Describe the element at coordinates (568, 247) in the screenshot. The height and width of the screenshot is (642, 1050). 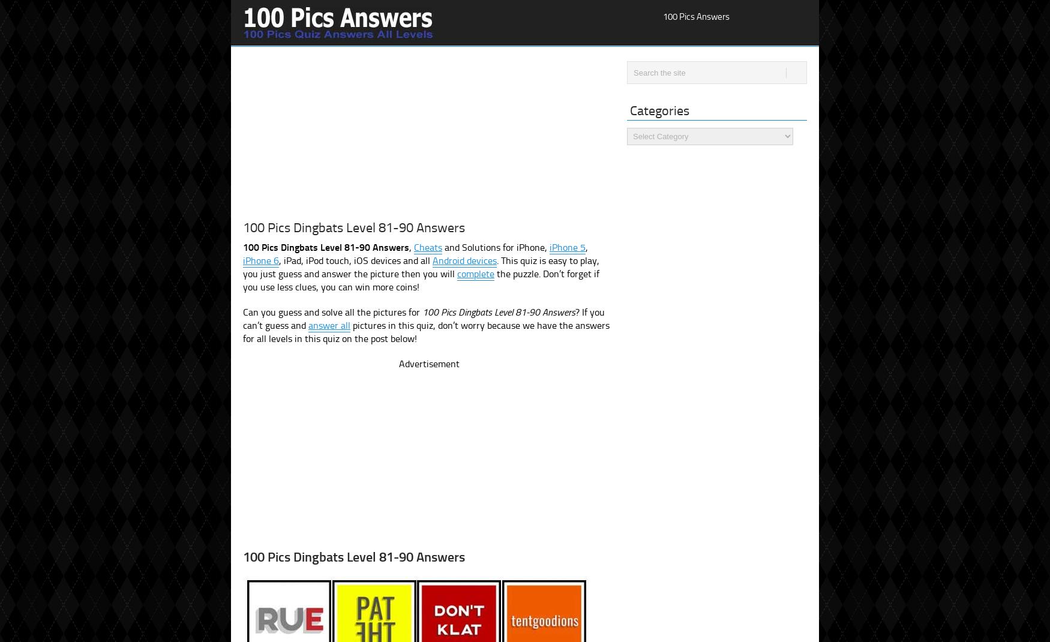
I see `'iPhone 5'` at that location.